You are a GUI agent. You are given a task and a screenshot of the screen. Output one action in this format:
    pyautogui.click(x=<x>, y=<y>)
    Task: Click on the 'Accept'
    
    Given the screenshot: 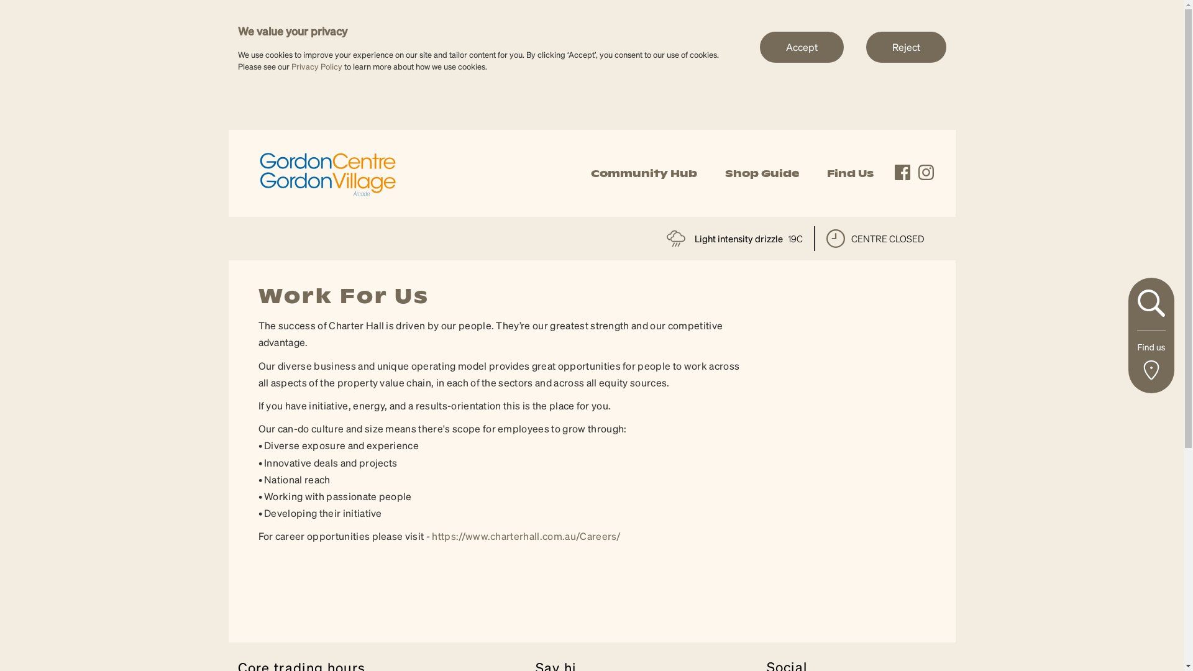 What is the action you would take?
    pyautogui.click(x=801, y=45)
    